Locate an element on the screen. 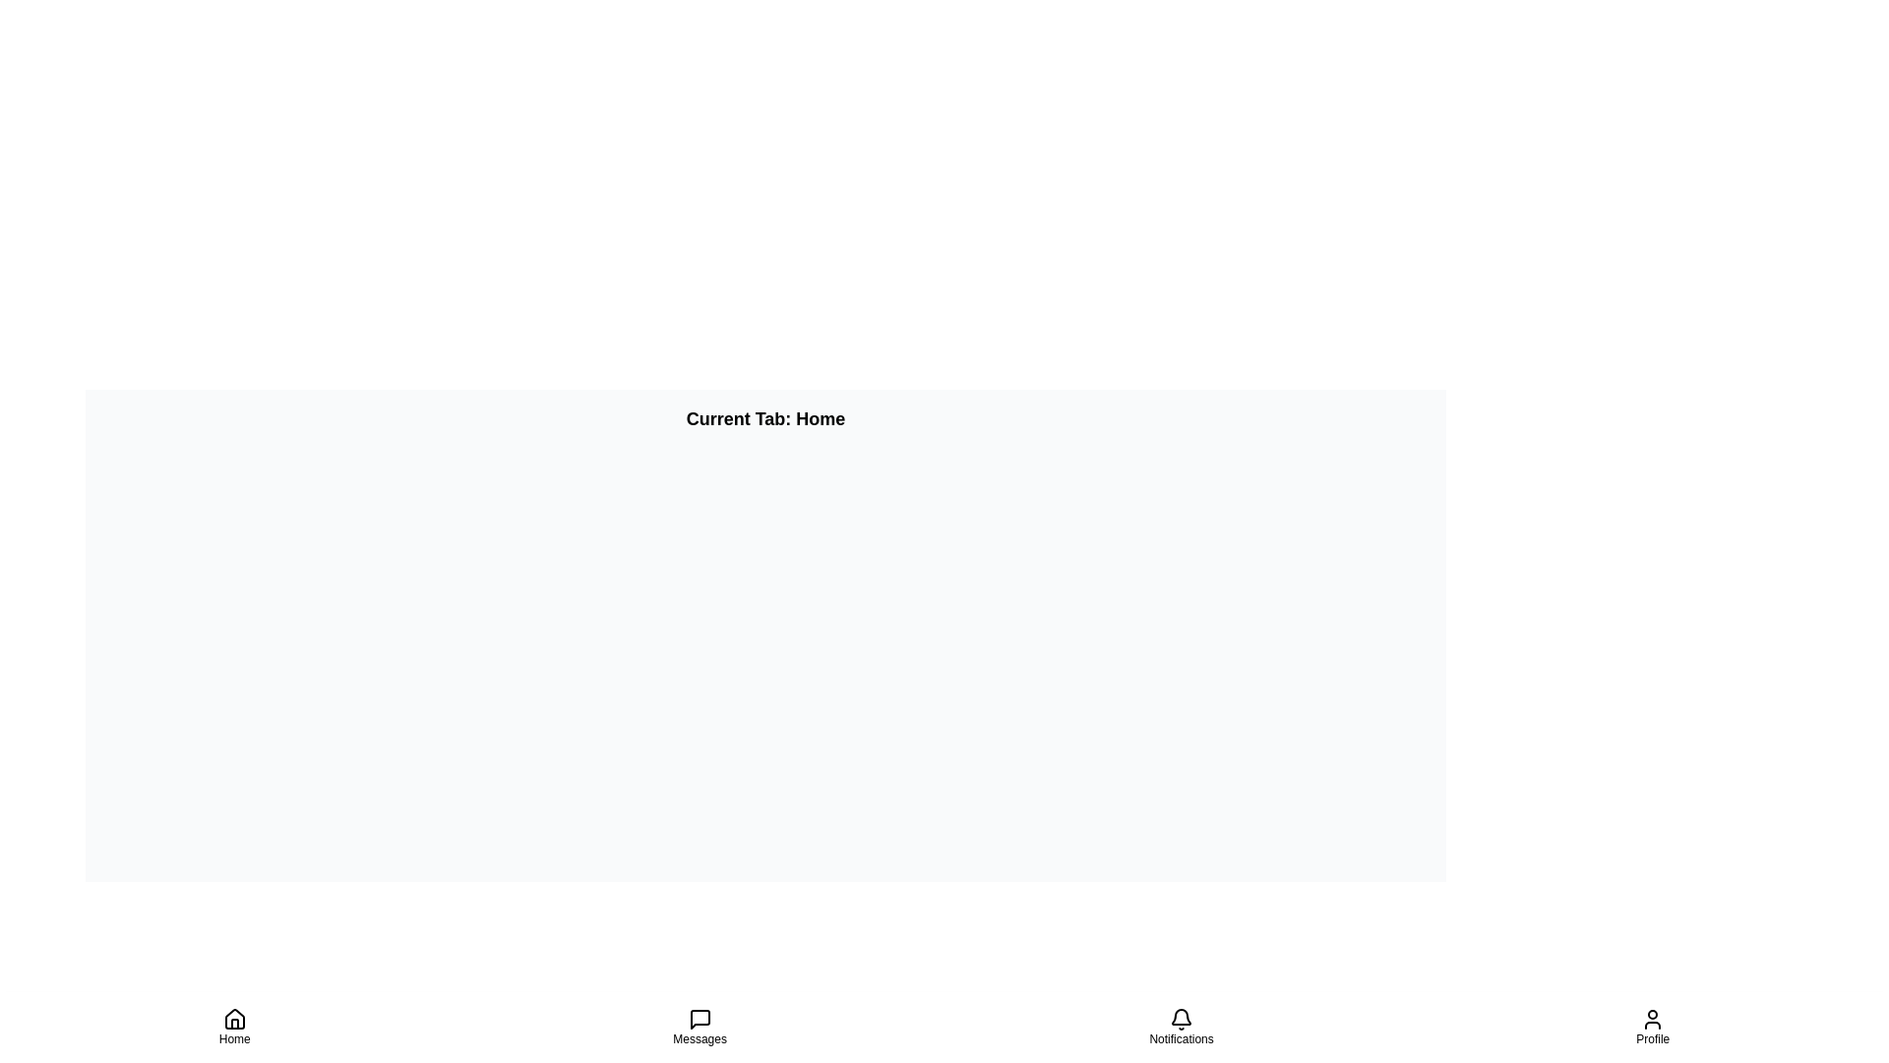 This screenshot has height=1063, width=1889. the 'Home' button icon in the bottom navigation bar is located at coordinates (234, 1027).